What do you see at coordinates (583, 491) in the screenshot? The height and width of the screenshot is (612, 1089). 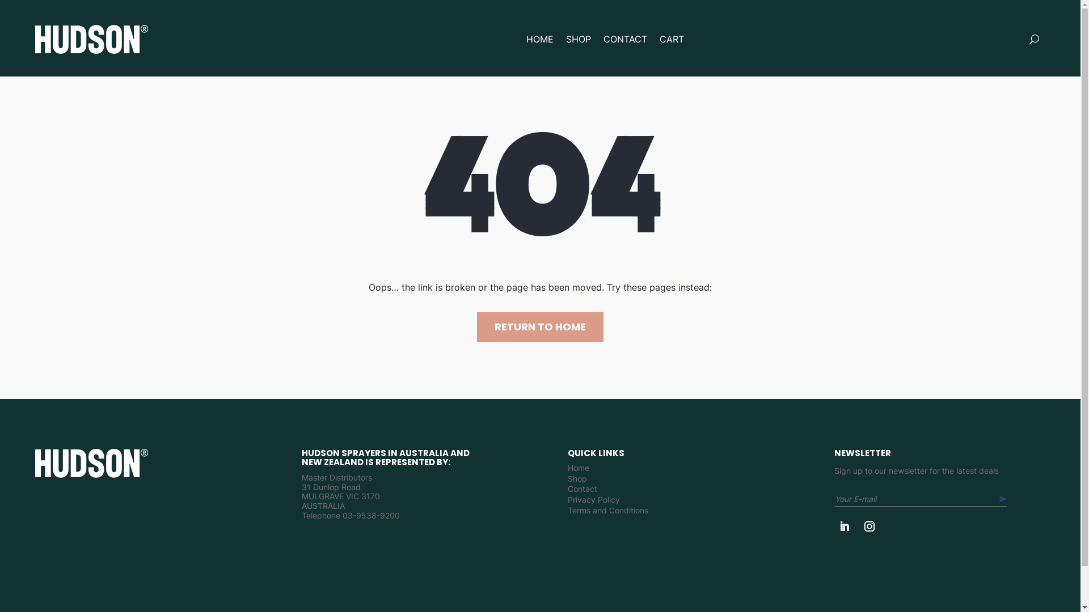 I see `'Contact'` at bounding box center [583, 491].